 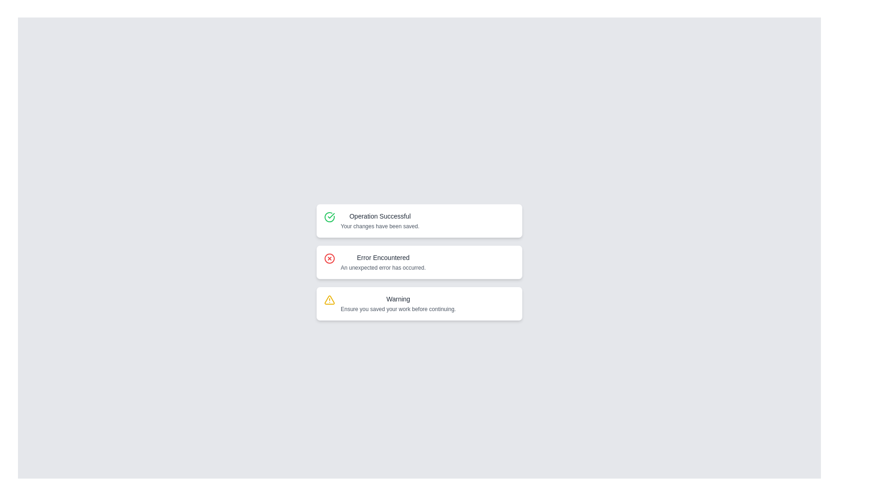 I want to click on the 'Error Encountered' notification block, which contains a bold title and a subdued description, located in the center of the interface, so click(x=383, y=262).